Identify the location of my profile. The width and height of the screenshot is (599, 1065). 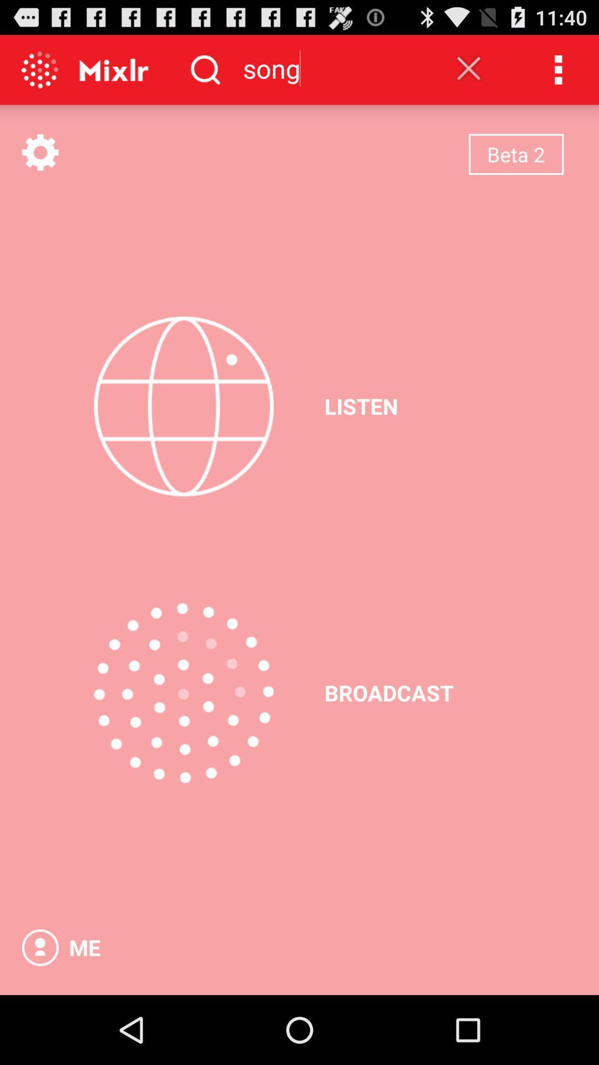
(39, 947).